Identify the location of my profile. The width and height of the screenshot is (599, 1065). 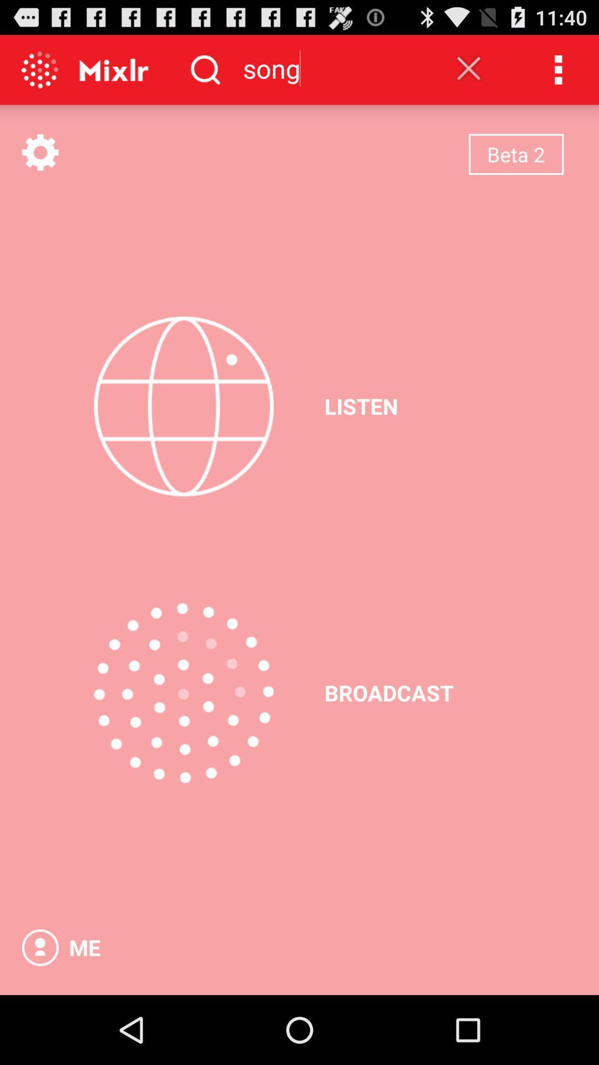
(39, 947).